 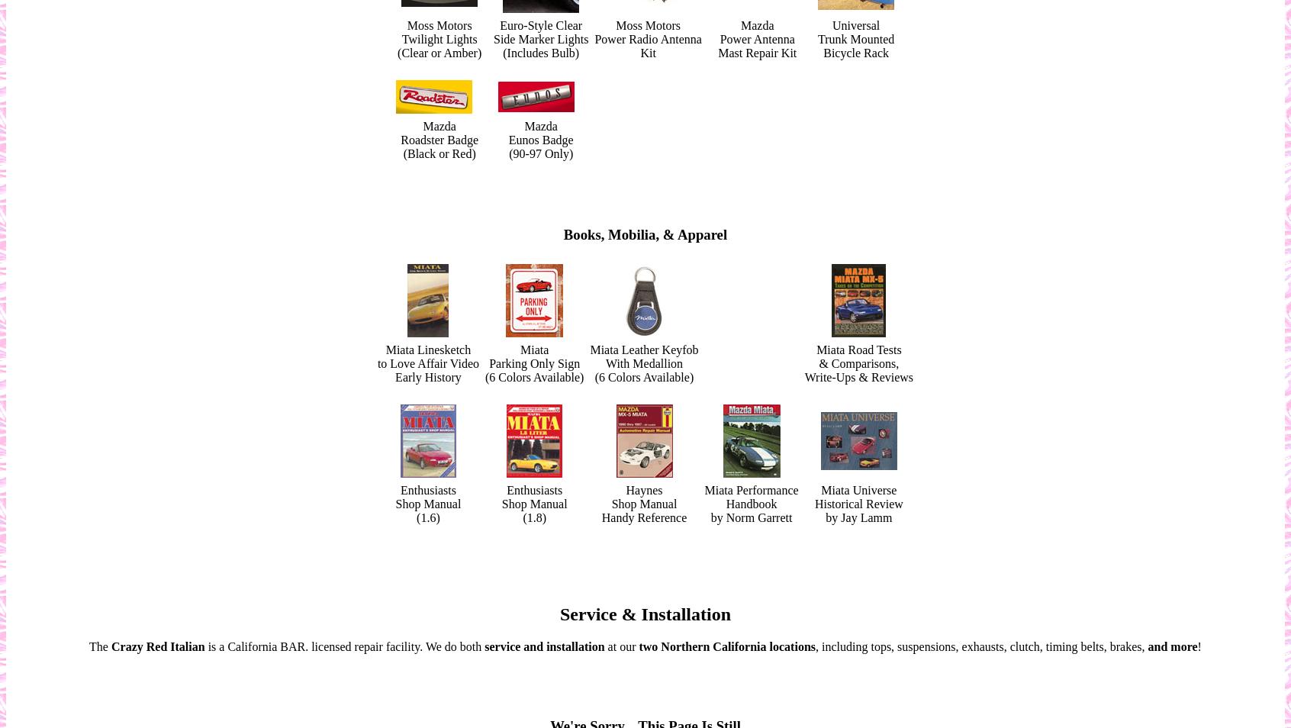 I want to click on 'Miata Universe', so click(x=820, y=488).